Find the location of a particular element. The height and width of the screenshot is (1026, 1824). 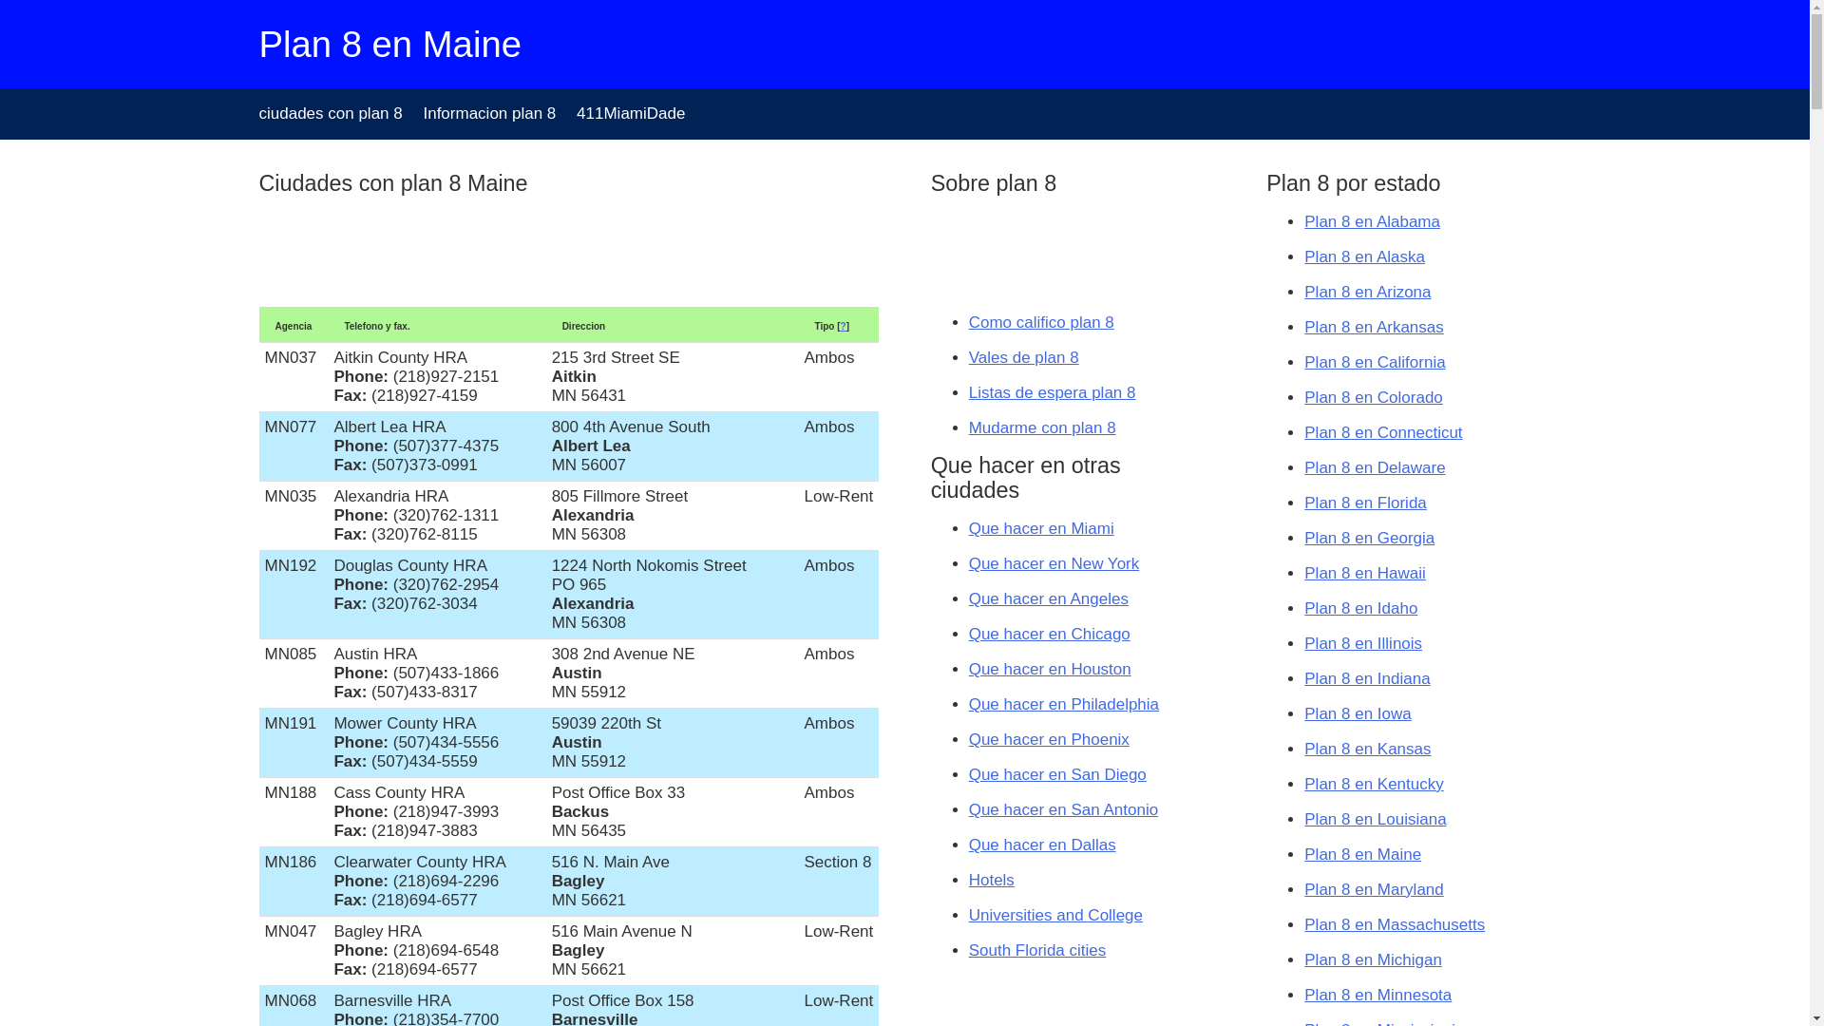

'Plan 8 en Florida' is located at coordinates (1364, 502).